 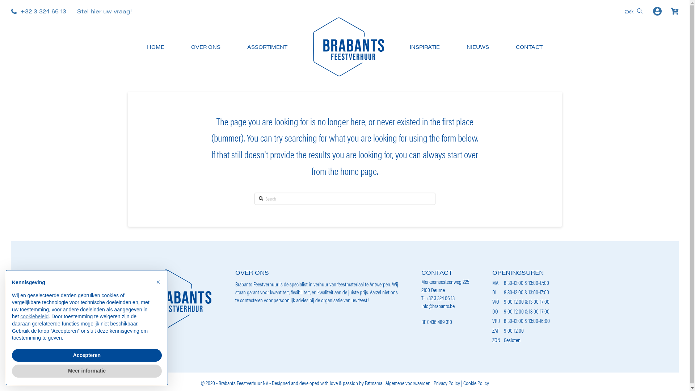 What do you see at coordinates (421, 306) in the screenshot?
I see `'info@brabants.be'` at bounding box center [421, 306].